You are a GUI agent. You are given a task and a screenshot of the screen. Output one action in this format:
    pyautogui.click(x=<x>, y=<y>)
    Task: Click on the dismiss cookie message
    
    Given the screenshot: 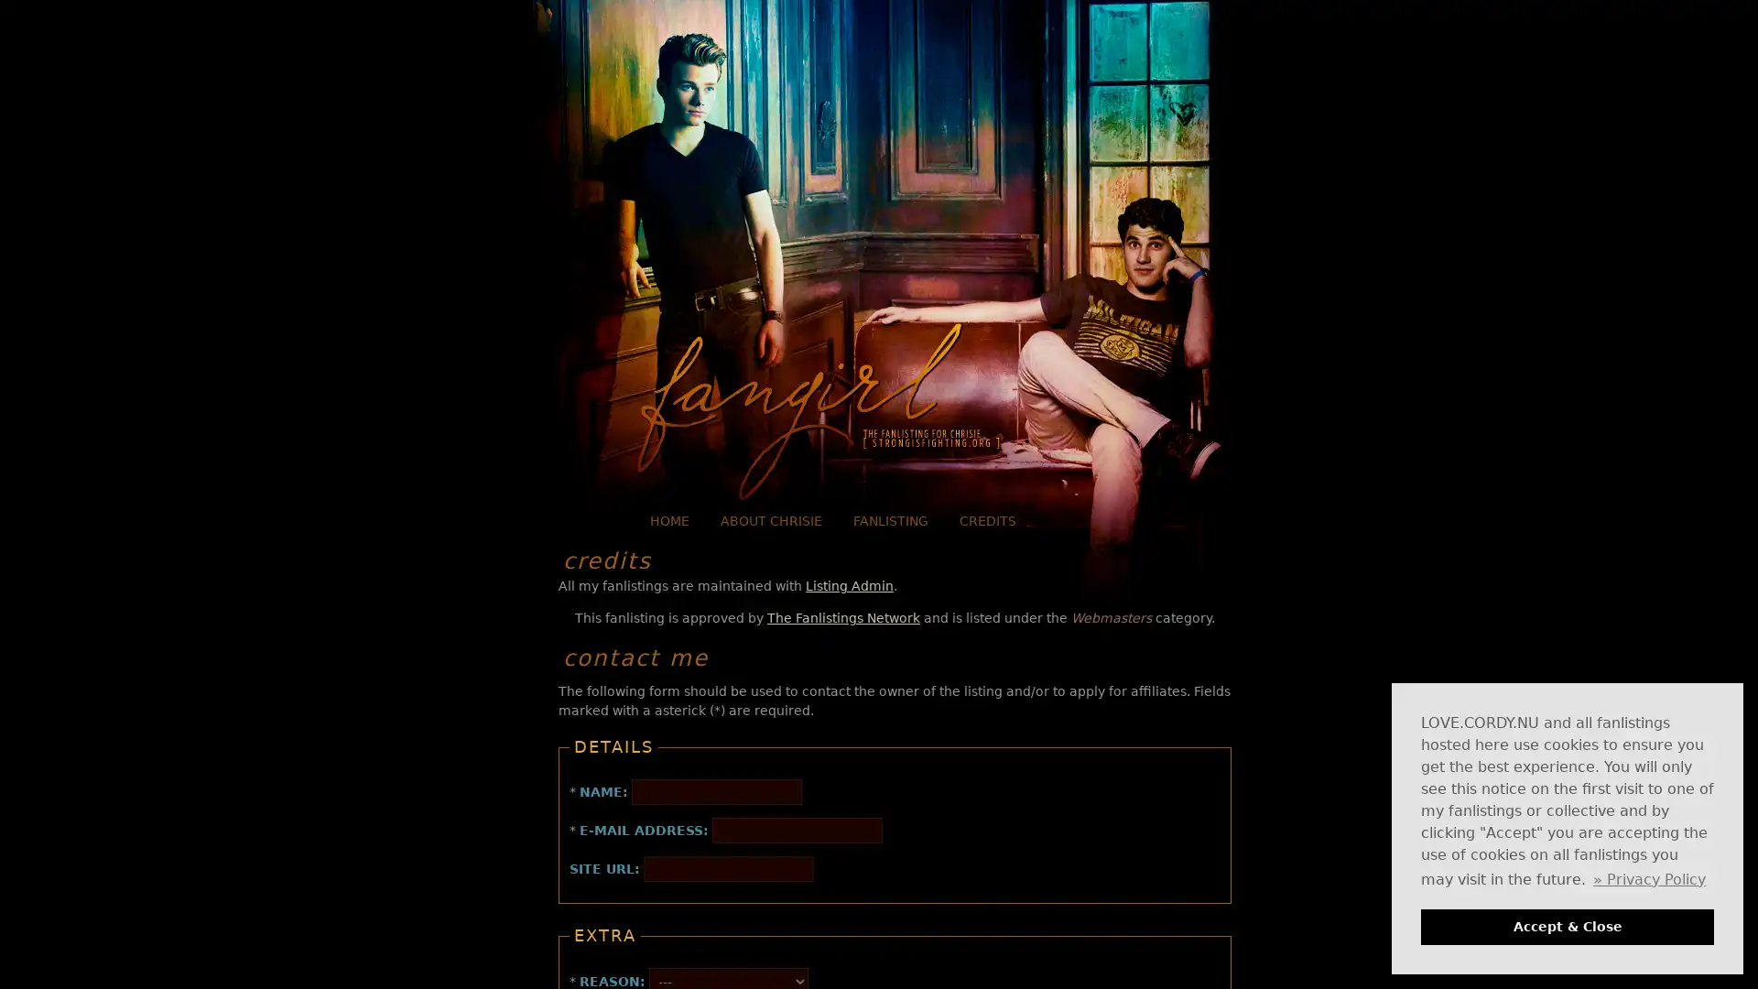 What is the action you would take?
    pyautogui.click(x=1567, y=926)
    